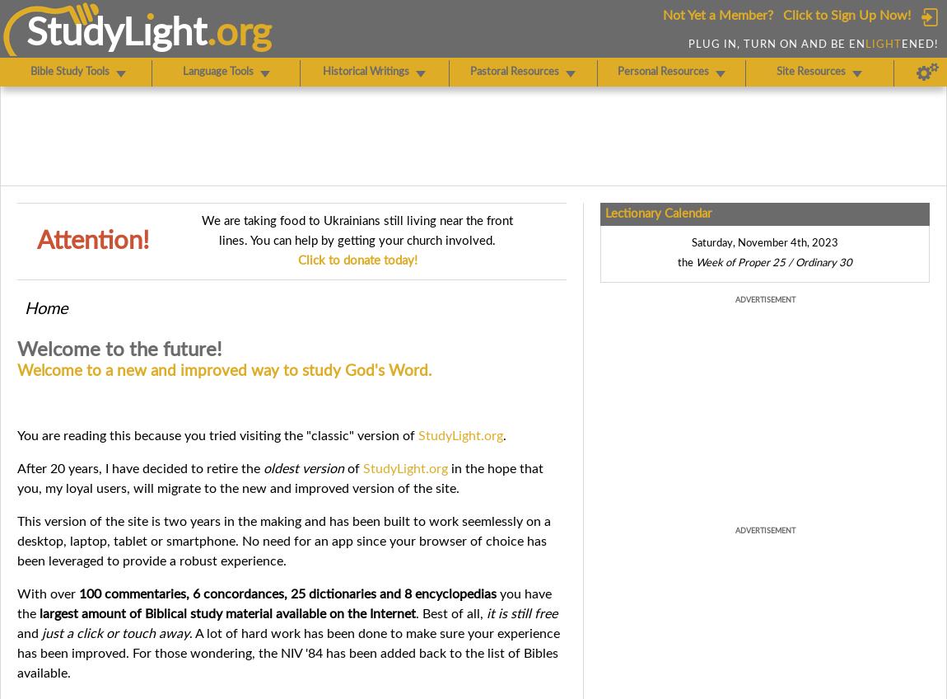 The width and height of the screenshot is (947, 699). Describe the element at coordinates (522, 72) in the screenshot. I see `'toral Resources'` at that location.